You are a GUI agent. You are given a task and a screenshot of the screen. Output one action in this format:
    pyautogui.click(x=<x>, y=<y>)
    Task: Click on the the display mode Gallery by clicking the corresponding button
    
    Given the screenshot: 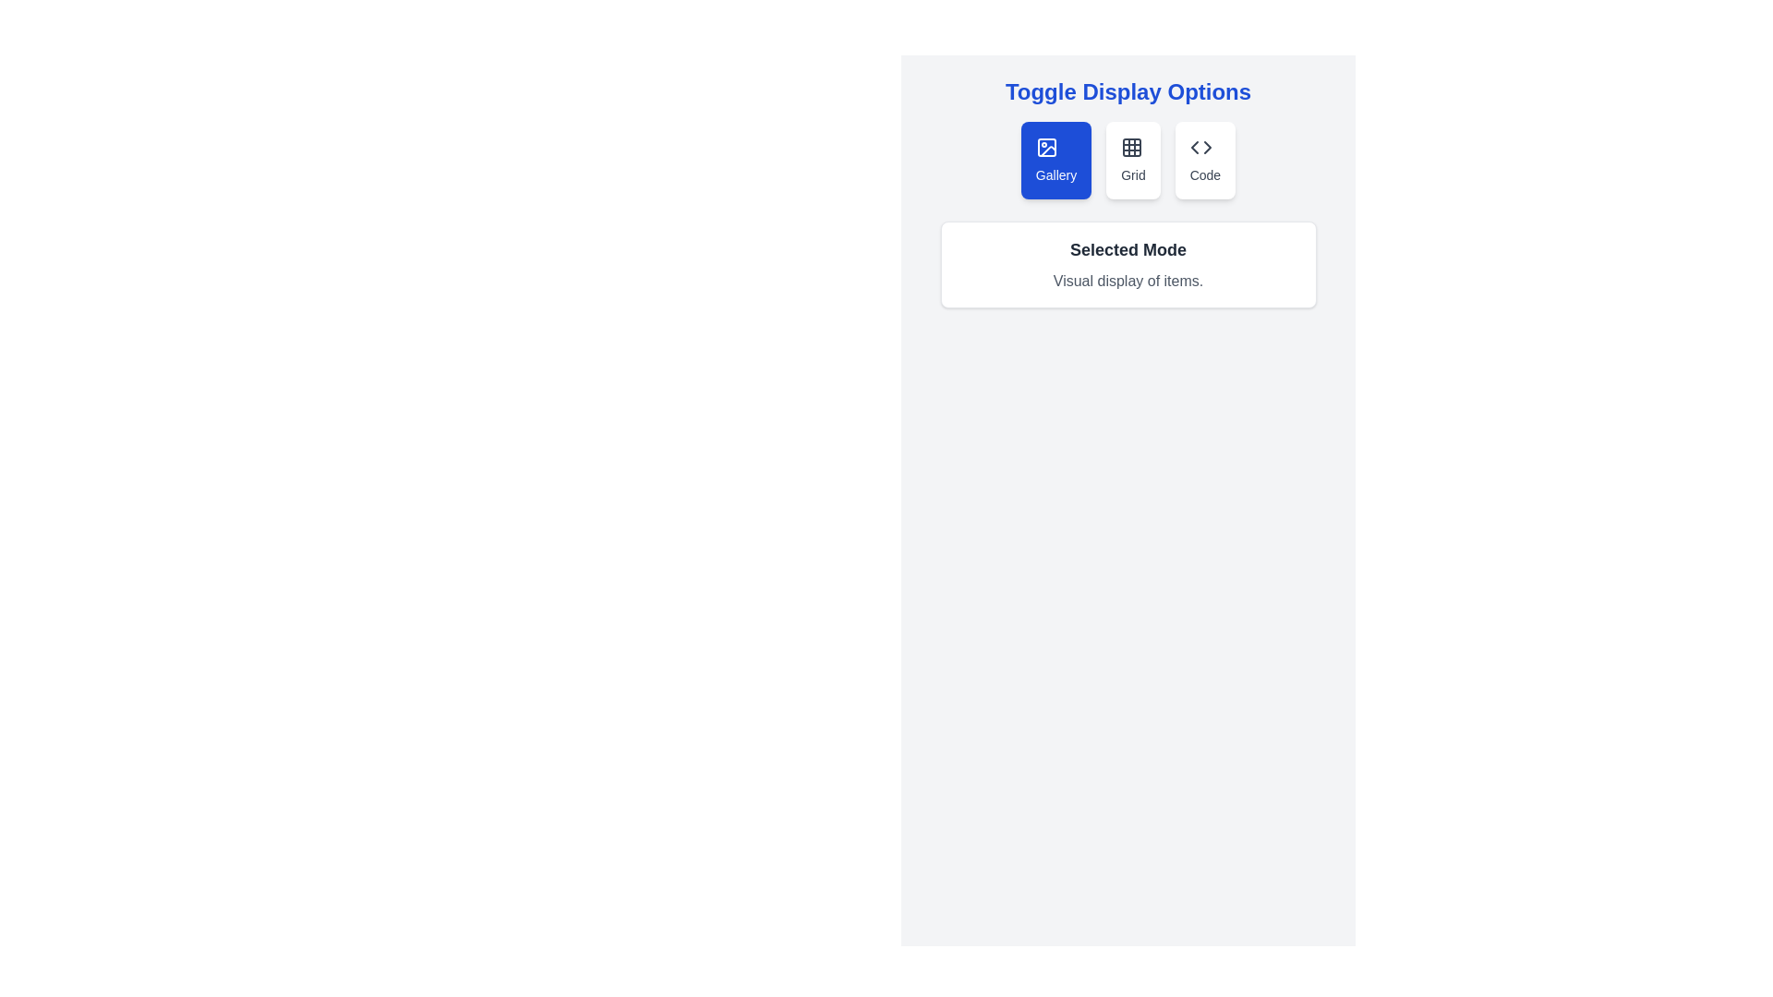 What is the action you would take?
    pyautogui.click(x=1055, y=159)
    